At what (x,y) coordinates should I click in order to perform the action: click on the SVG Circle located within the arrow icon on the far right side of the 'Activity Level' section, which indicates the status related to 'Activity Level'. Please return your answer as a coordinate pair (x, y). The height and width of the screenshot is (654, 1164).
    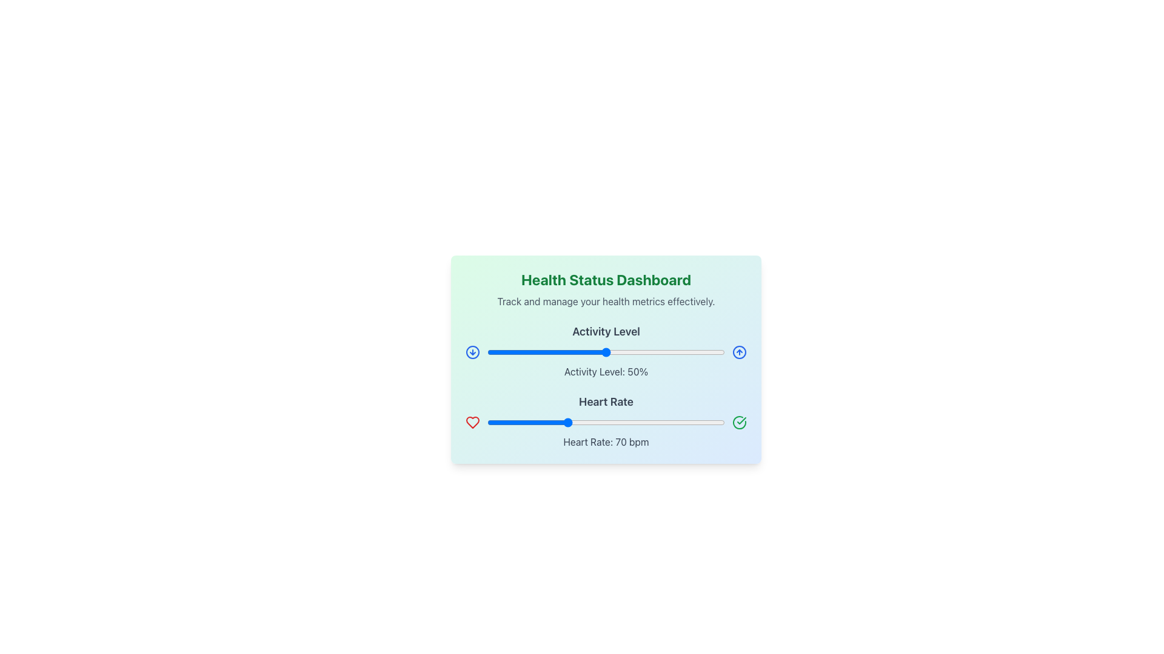
    Looking at the image, I should click on (472, 352).